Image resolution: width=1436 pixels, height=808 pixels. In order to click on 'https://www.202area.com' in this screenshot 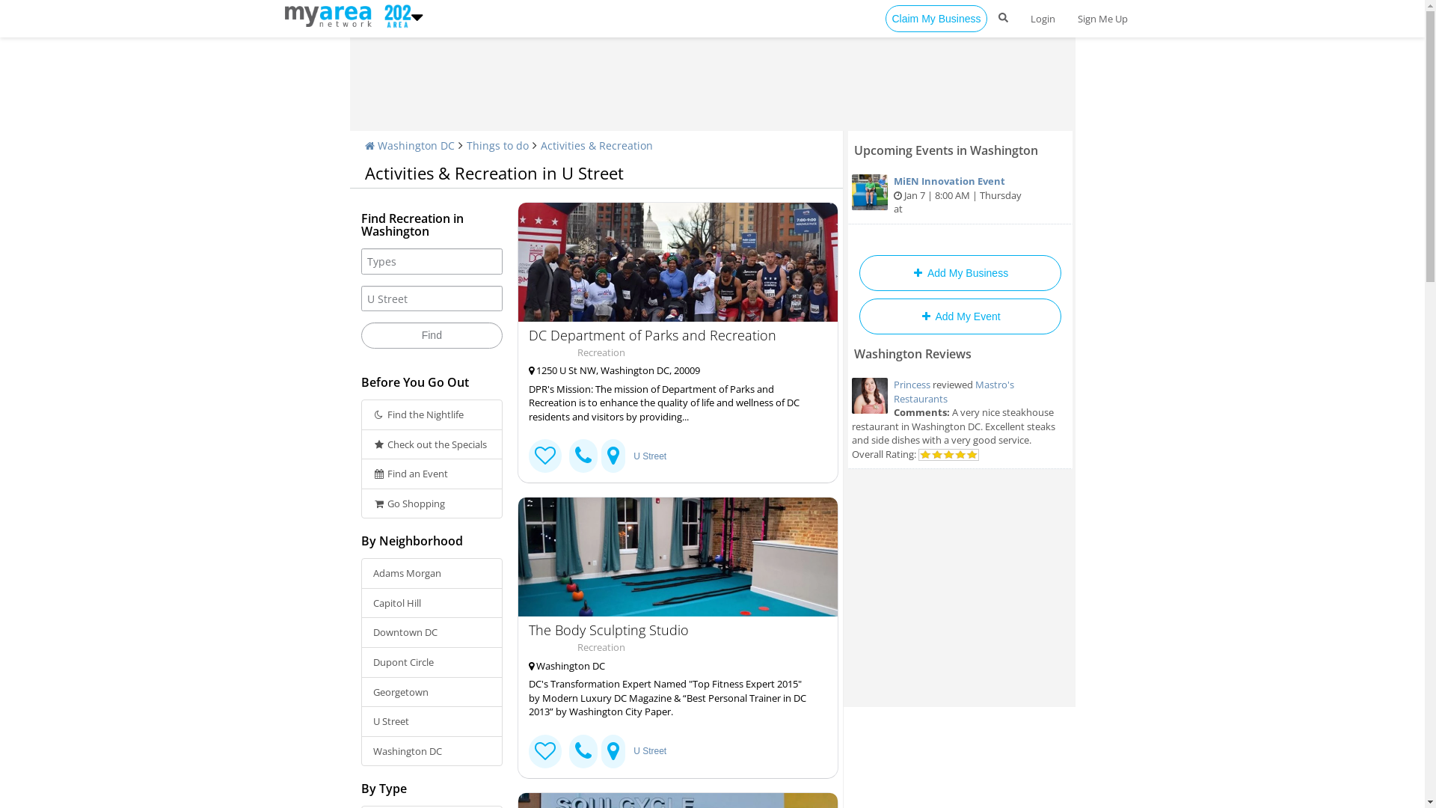, I will do `click(283, 14)`.